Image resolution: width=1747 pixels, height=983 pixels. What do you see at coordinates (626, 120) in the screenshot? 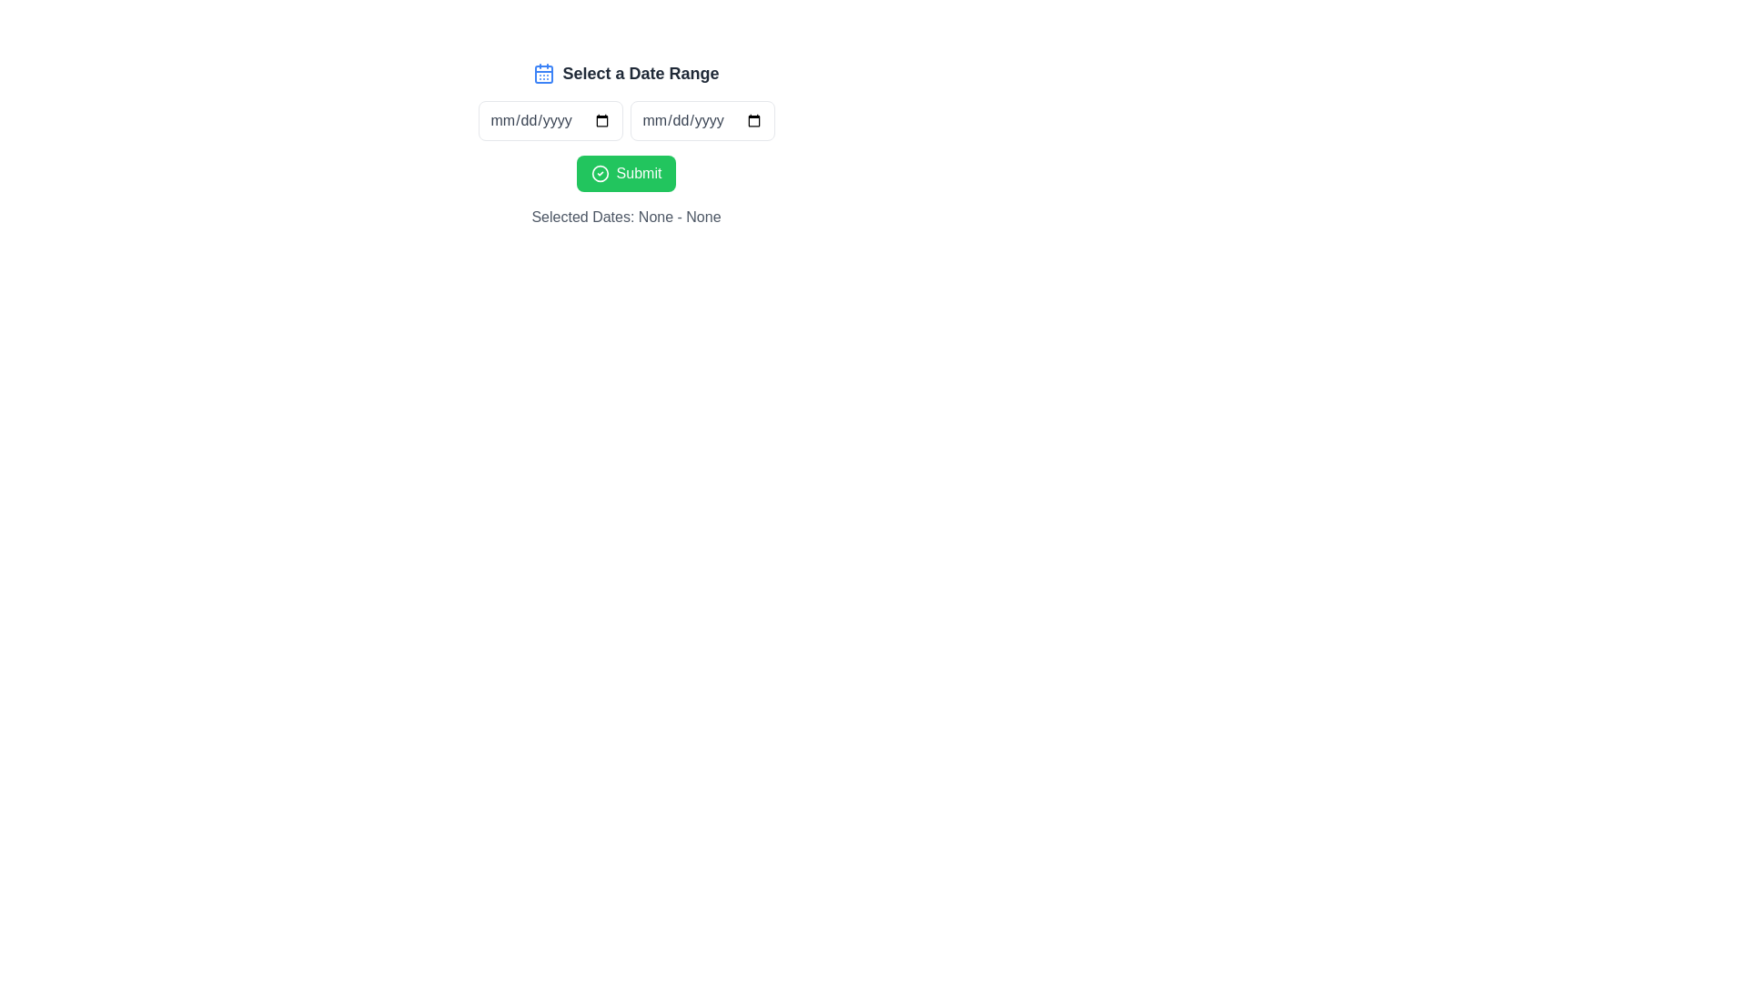
I see `the Date range selection field group` at bounding box center [626, 120].